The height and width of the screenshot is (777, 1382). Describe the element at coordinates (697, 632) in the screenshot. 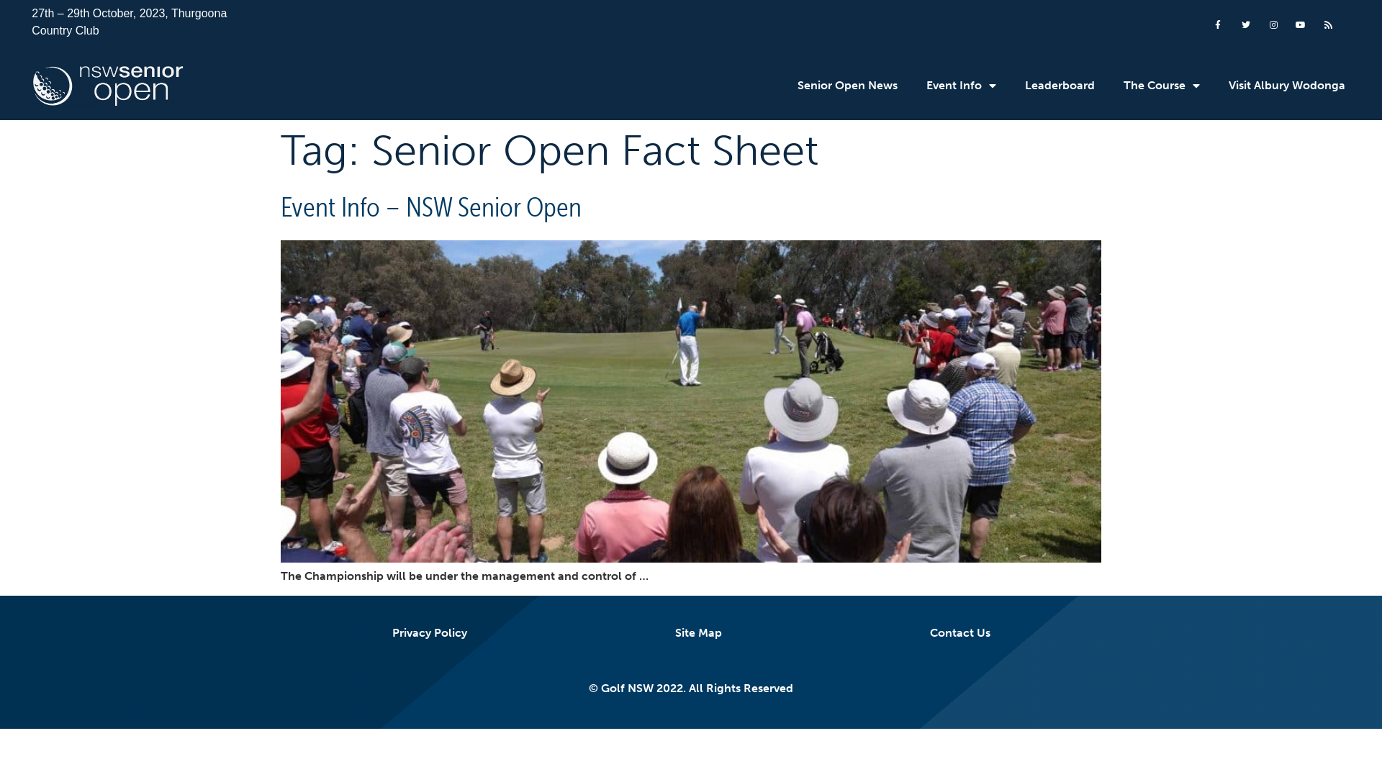

I see `'Site Map'` at that location.